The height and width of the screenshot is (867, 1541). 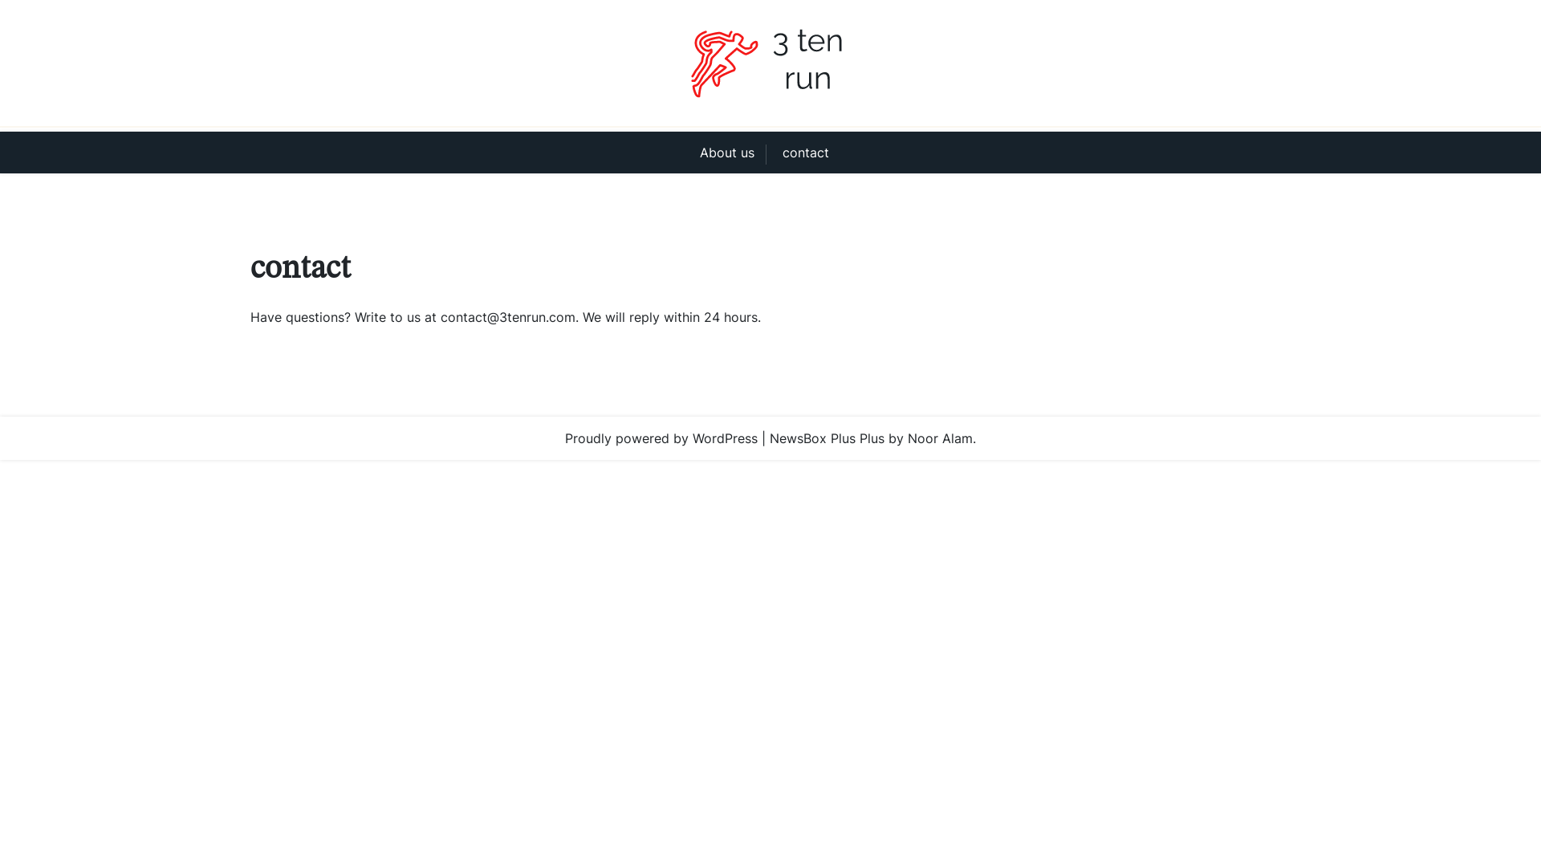 What do you see at coordinates (661, 438) in the screenshot?
I see `'Proudly powered by WordPress'` at bounding box center [661, 438].